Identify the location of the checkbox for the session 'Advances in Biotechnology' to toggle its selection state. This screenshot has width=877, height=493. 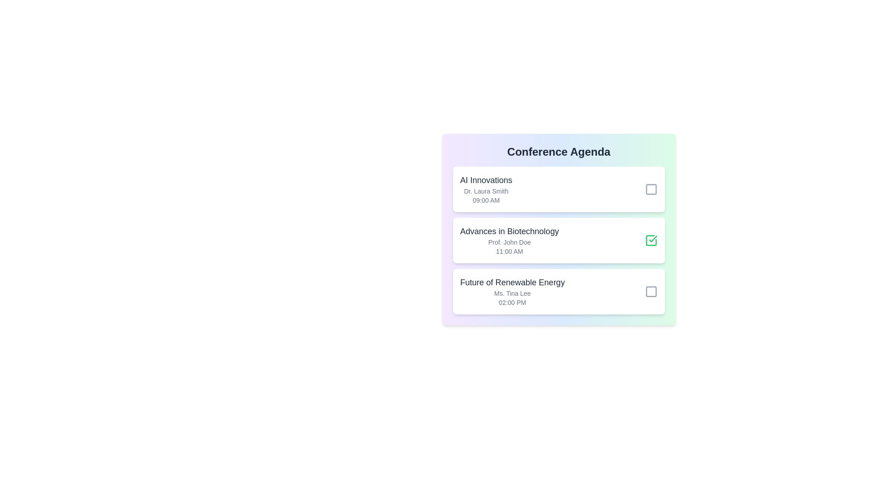
(650, 240).